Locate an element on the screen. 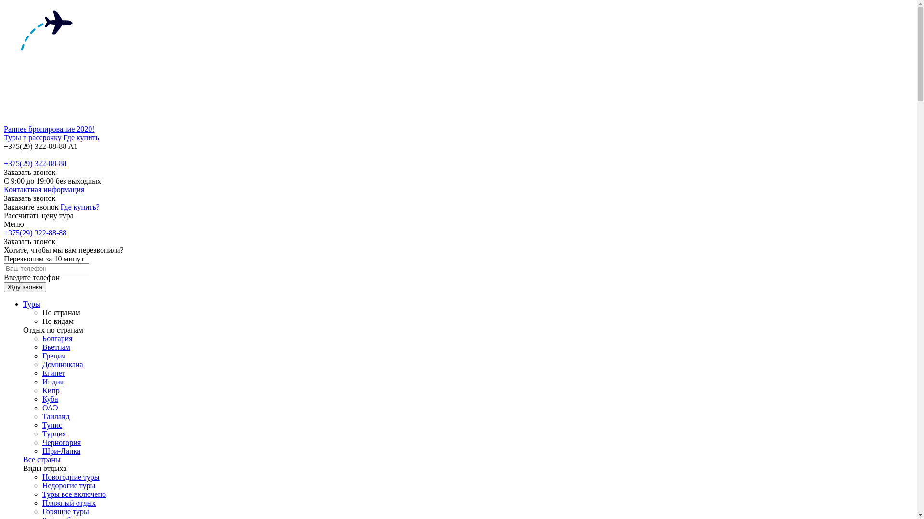 This screenshot has height=519, width=924. '+375(29) 322-88-88' is located at coordinates (4, 163).